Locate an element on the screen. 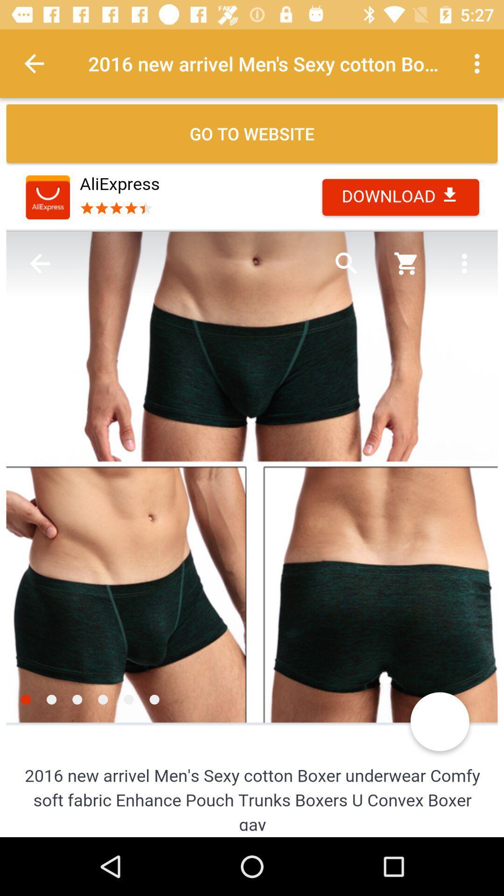  advertisement is located at coordinates (252, 497).